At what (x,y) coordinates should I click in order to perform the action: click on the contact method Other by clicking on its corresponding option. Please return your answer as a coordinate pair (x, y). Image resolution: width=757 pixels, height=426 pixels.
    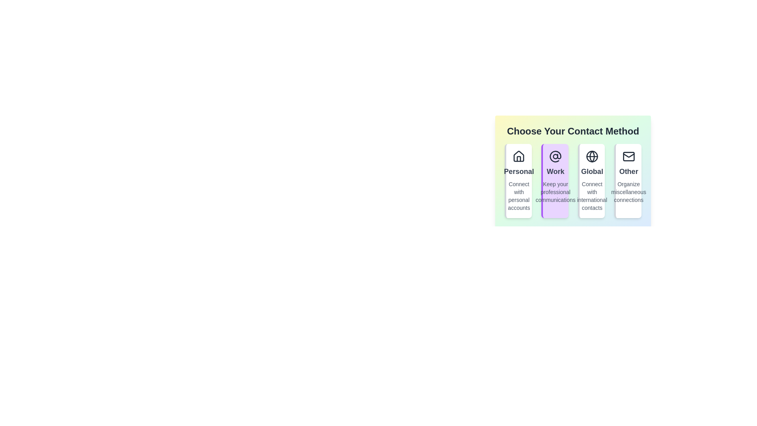
    Looking at the image, I should click on (627, 181).